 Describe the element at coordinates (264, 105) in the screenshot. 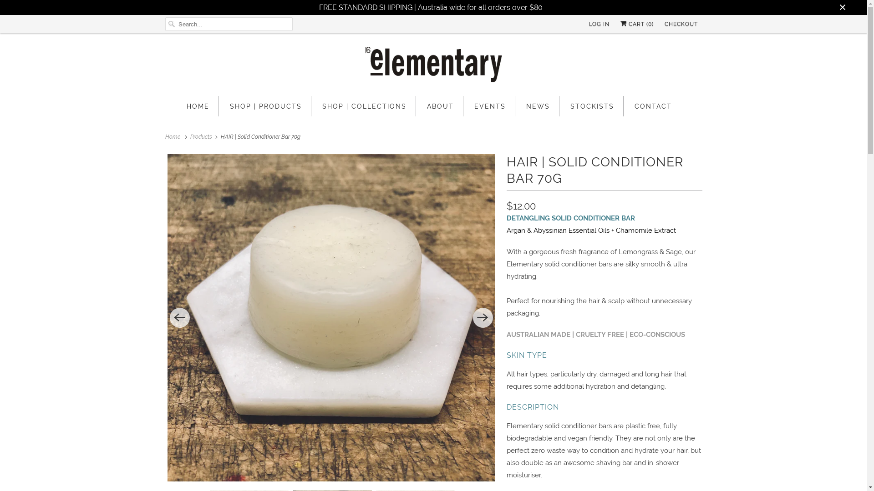

I see `'SHOP | PRODUCTS'` at that location.